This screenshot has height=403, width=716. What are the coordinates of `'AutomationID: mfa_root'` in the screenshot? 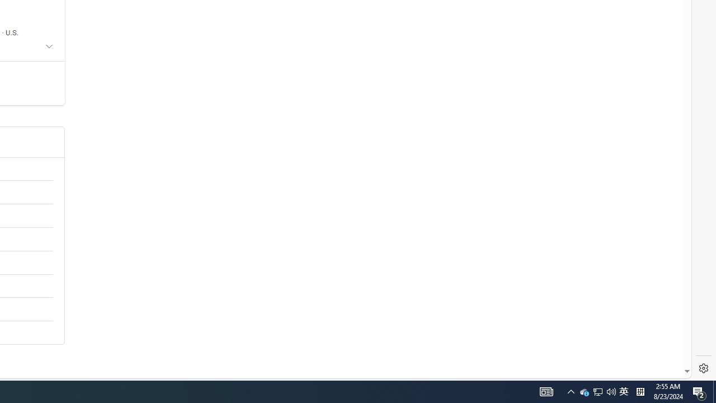 It's located at (645, 337).